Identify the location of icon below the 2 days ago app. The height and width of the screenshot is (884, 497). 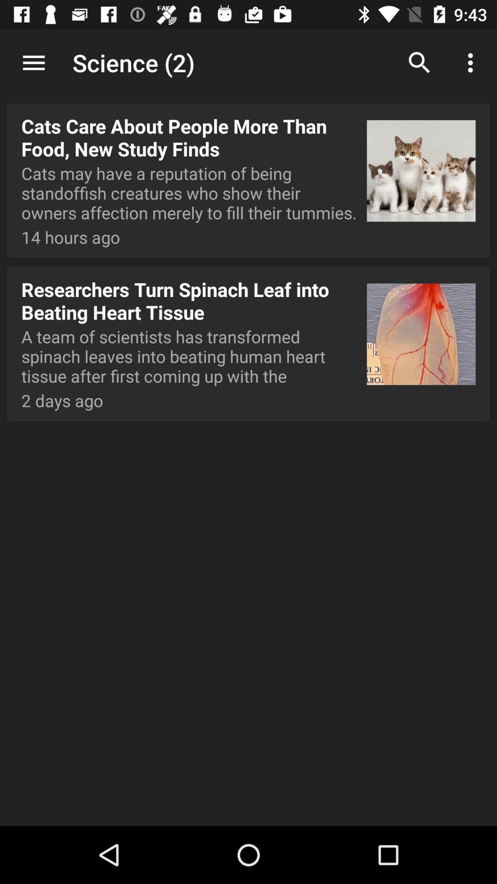
(248, 795).